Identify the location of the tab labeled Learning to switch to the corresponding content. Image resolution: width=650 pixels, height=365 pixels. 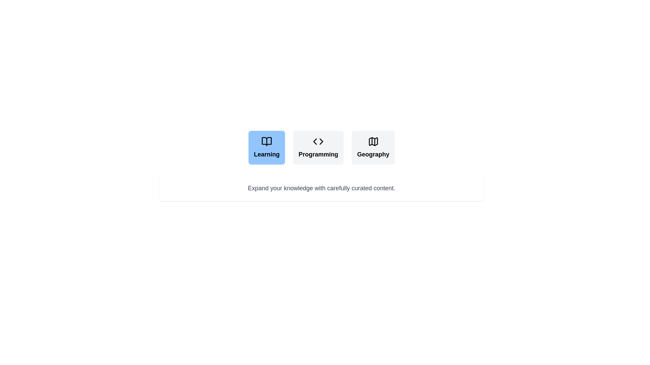
(266, 147).